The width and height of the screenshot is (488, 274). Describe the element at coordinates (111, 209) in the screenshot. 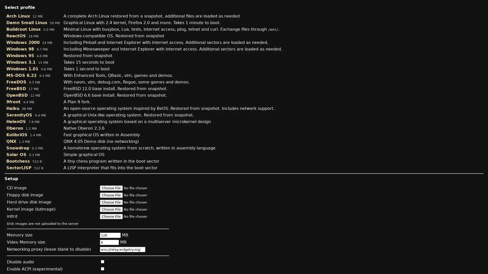

I see `Choose File` at that location.